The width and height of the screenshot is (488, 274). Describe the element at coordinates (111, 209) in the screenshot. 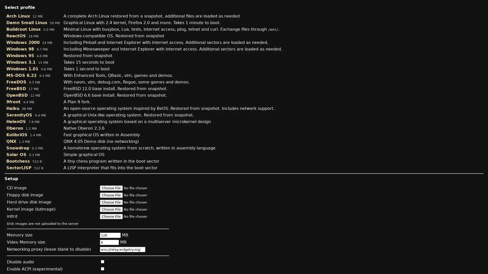

I see `Choose File` at that location.